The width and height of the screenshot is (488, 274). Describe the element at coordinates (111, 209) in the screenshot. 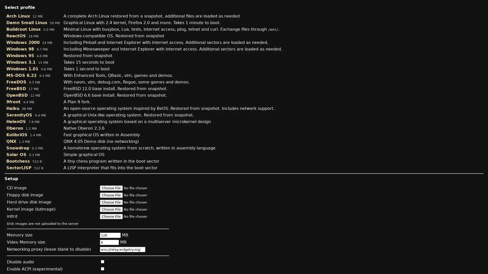

I see `Choose File` at that location.